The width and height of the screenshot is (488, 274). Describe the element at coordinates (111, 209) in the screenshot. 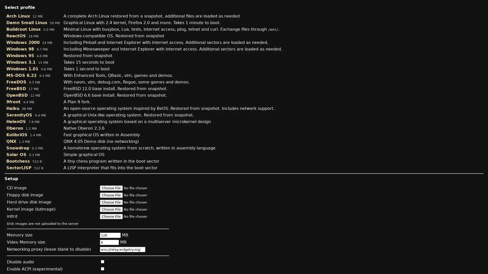

I see `Choose File` at that location.